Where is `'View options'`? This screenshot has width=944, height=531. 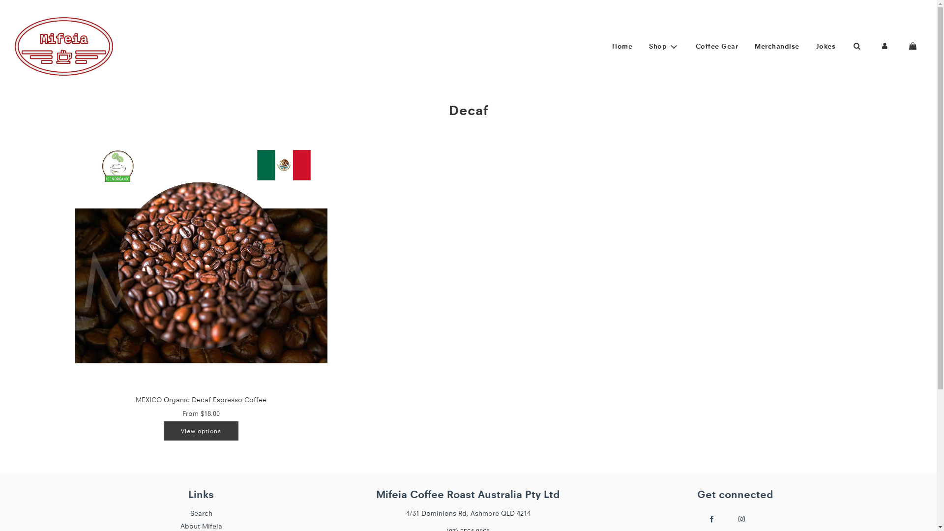
'View options' is located at coordinates (163, 430).